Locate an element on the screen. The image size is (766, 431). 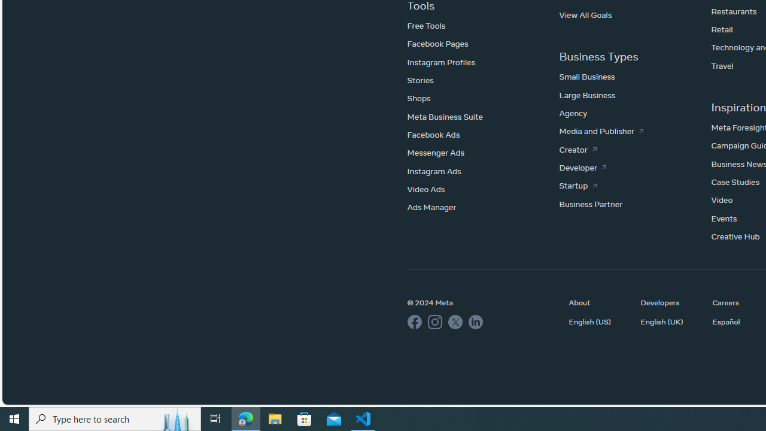
'Travel' is located at coordinates (722, 65).